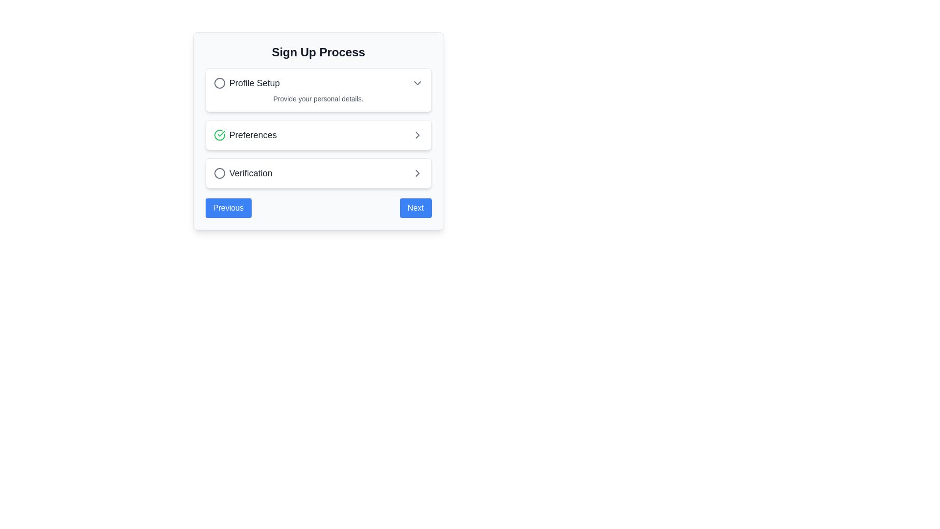 This screenshot has height=529, width=940. I want to click on the 'Verification' selectable list item, which is the third item, so click(318, 173).